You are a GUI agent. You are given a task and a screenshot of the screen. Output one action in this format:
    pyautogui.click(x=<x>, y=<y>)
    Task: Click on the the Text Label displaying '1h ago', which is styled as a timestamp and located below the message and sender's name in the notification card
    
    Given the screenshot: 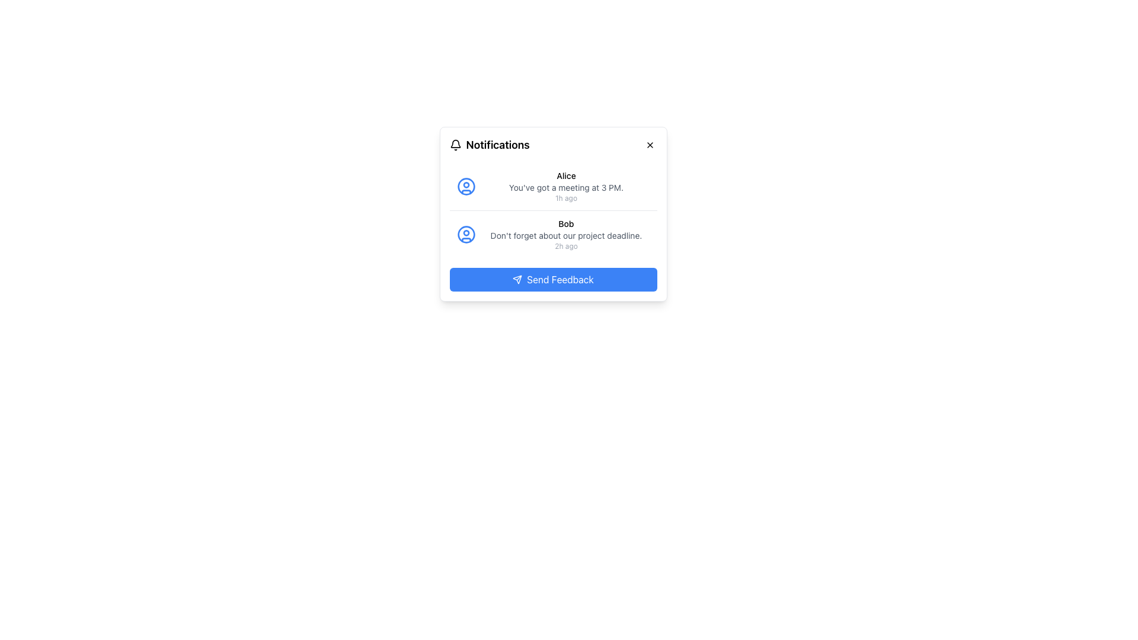 What is the action you would take?
    pyautogui.click(x=565, y=198)
    